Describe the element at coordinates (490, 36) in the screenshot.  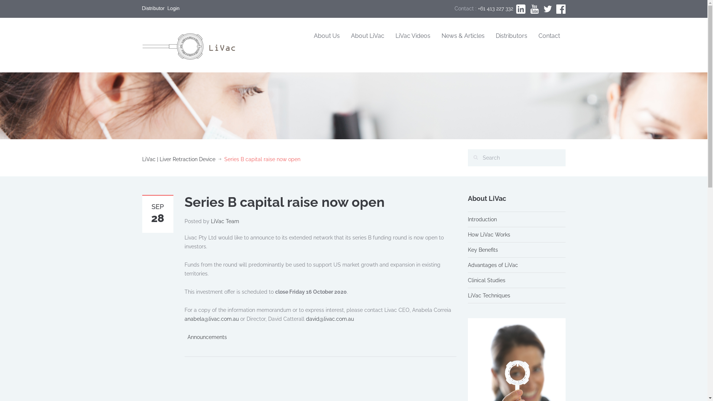
I see `'Distributors'` at that location.